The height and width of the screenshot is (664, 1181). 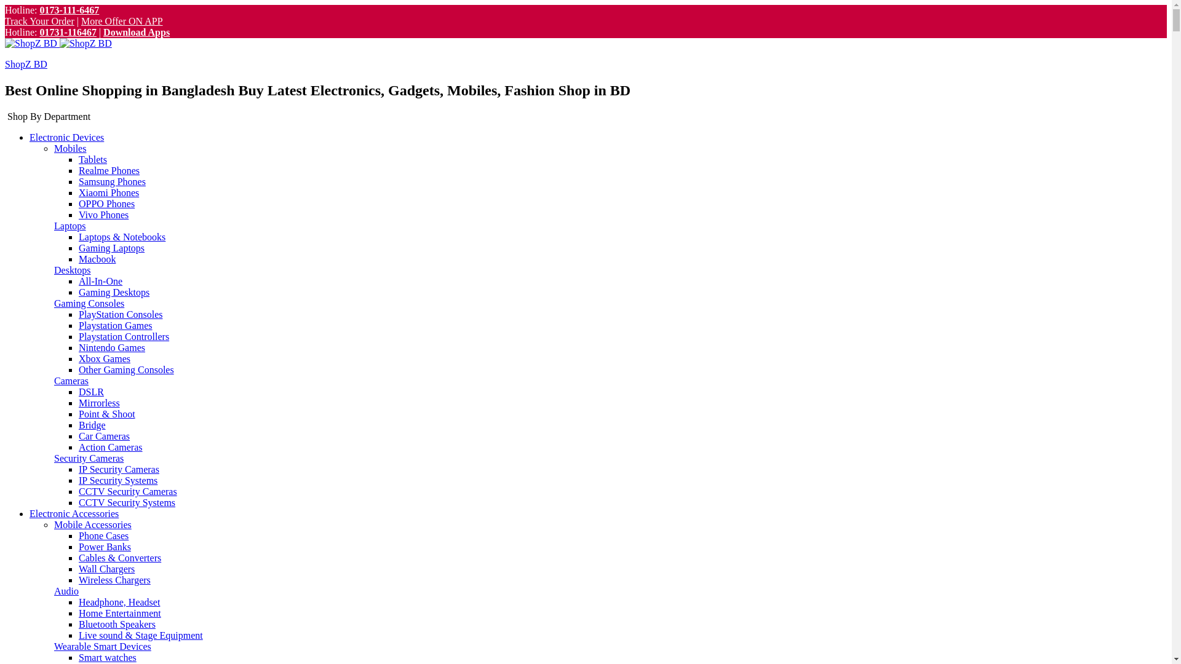 What do you see at coordinates (122, 237) in the screenshot?
I see `'Laptops & Notebooks'` at bounding box center [122, 237].